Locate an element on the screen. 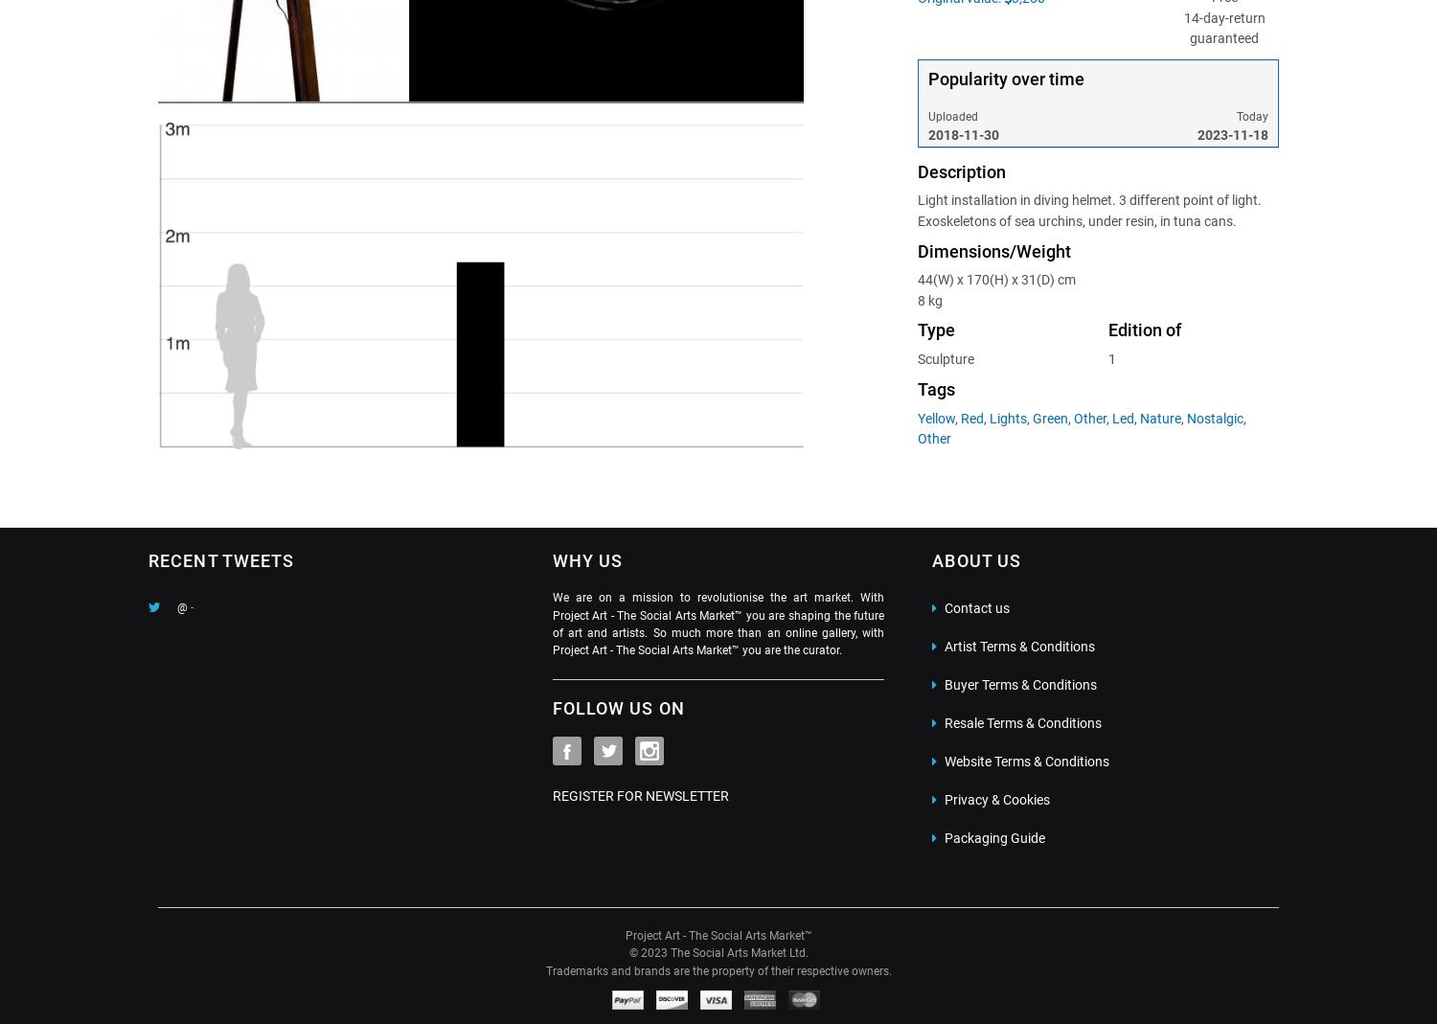  'ABOUT US' is located at coordinates (931, 561).